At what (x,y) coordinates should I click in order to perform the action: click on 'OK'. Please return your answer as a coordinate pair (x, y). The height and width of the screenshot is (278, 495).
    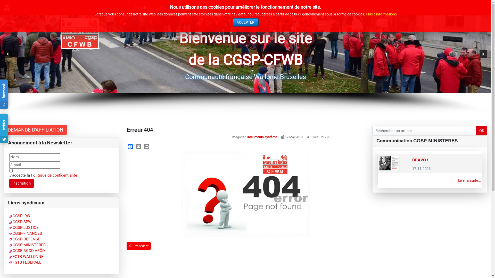
    Looking at the image, I should click on (481, 131).